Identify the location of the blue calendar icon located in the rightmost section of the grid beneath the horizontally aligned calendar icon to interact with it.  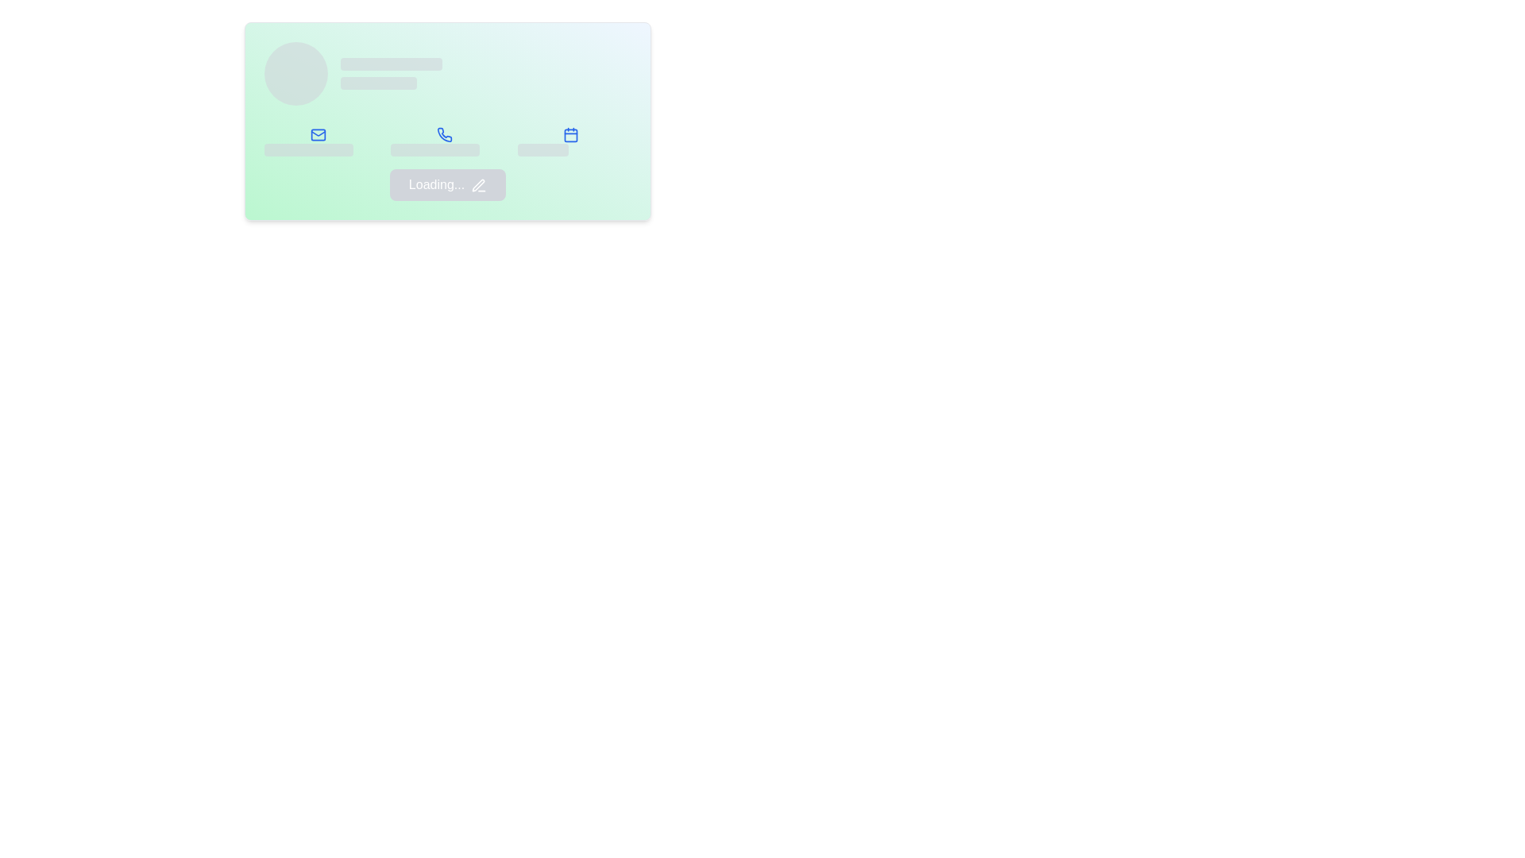
(573, 140).